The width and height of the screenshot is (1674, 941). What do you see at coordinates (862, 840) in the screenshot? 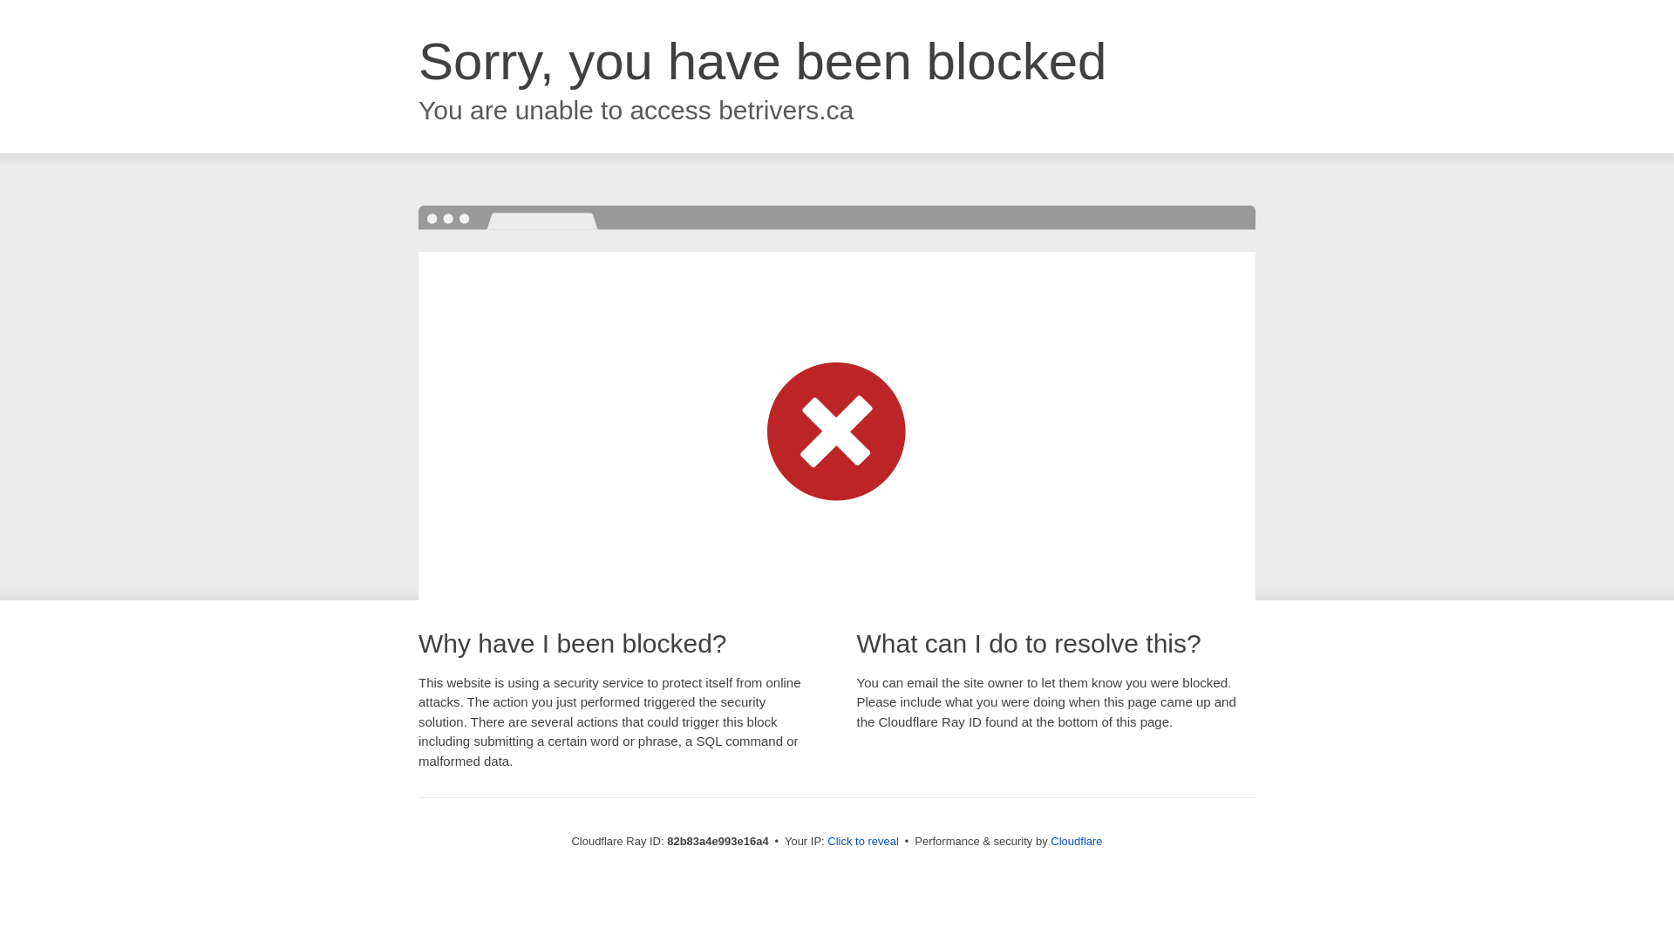
I see `'Click to reveal'` at bounding box center [862, 840].